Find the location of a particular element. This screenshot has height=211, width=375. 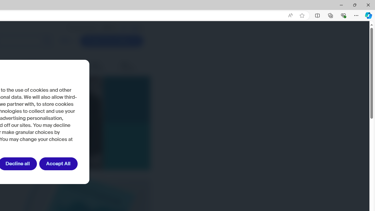

'Add this page to favorites (Ctrl+D)' is located at coordinates (302, 15).